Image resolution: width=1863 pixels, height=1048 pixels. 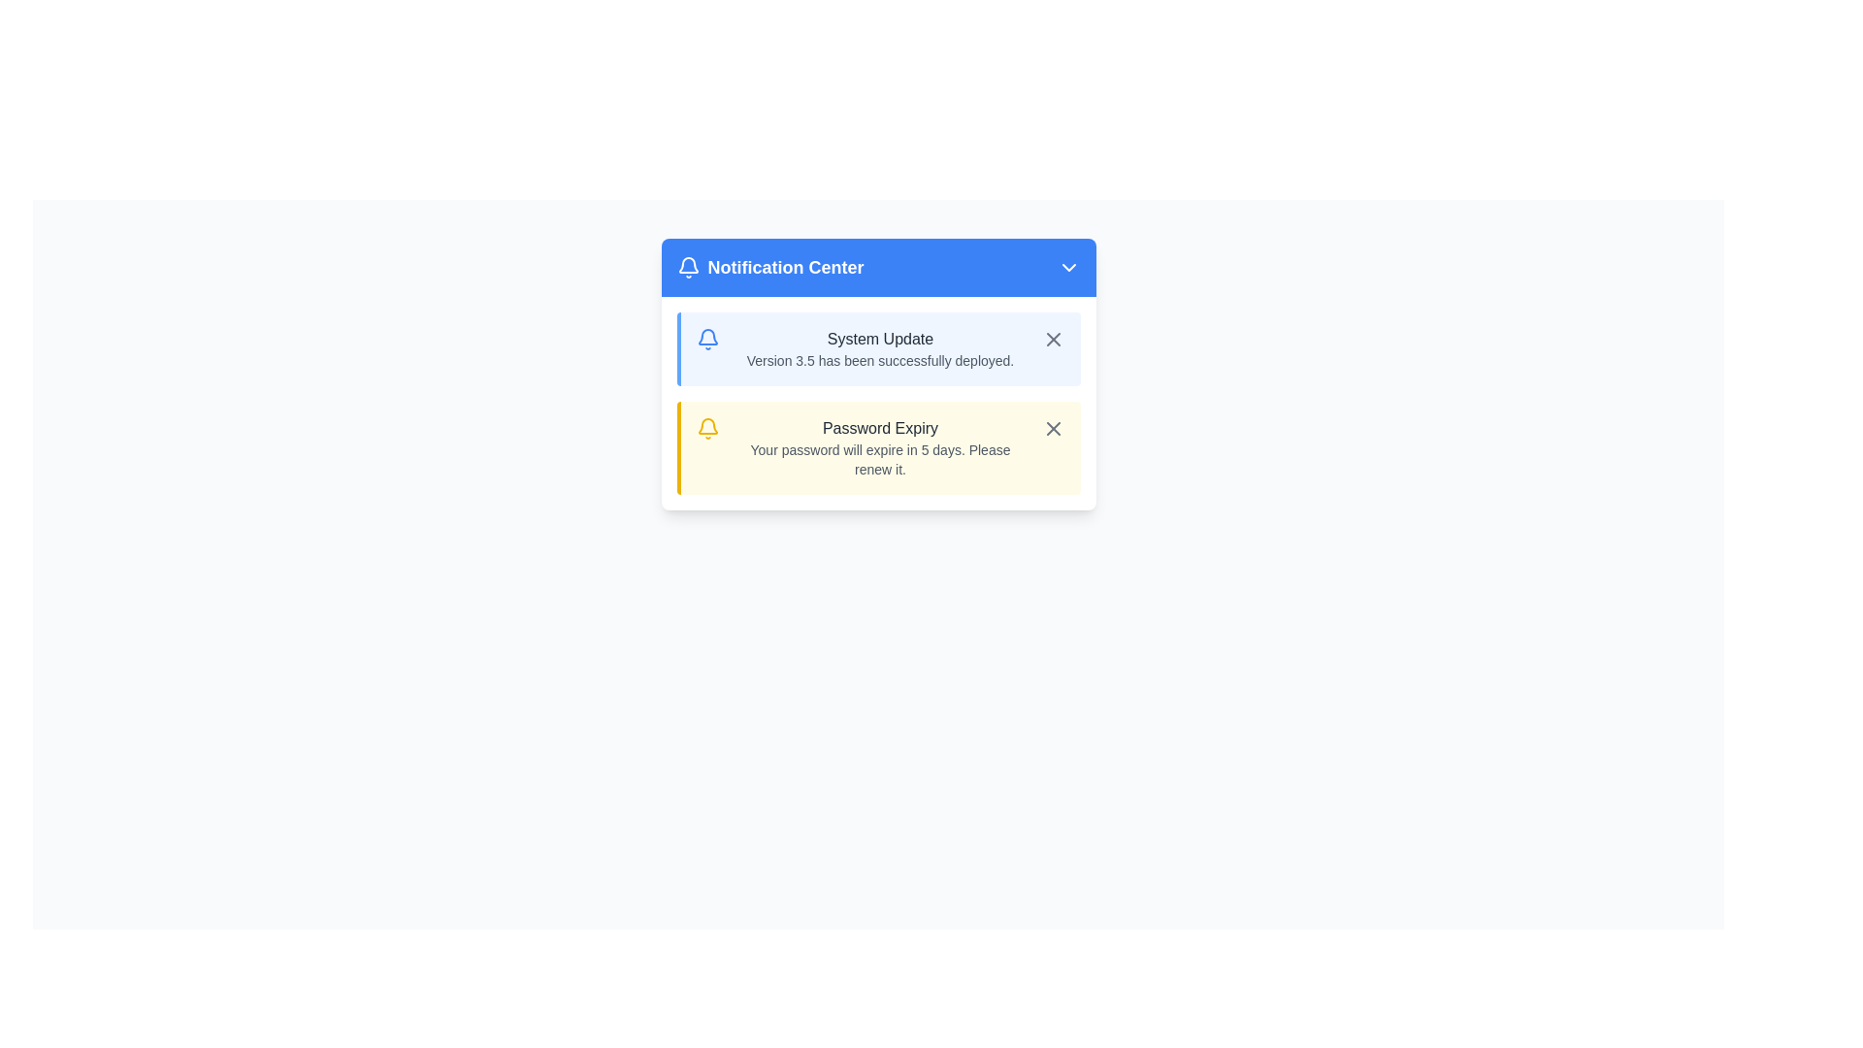 What do you see at coordinates (1052, 339) in the screenshot?
I see `the 'X' icon in the upper right corner of the 'System Update' notification` at bounding box center [1052, 339].